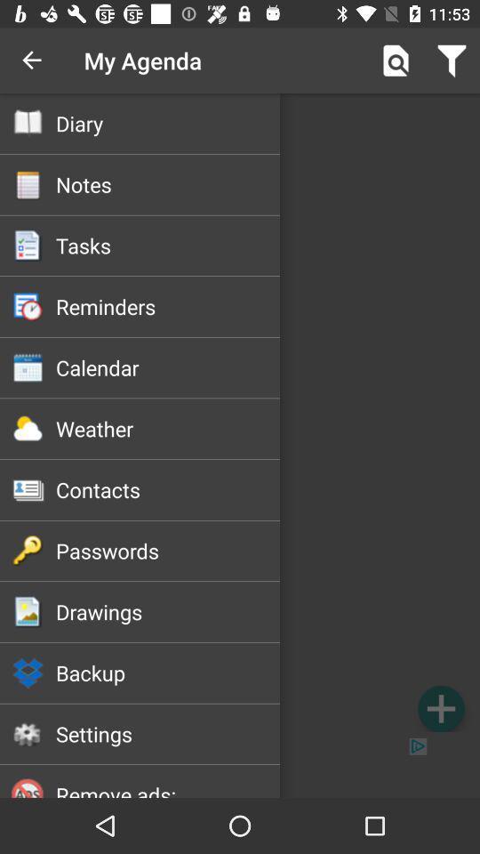  I want to click on the icon next to the backup, so click(440, 708).